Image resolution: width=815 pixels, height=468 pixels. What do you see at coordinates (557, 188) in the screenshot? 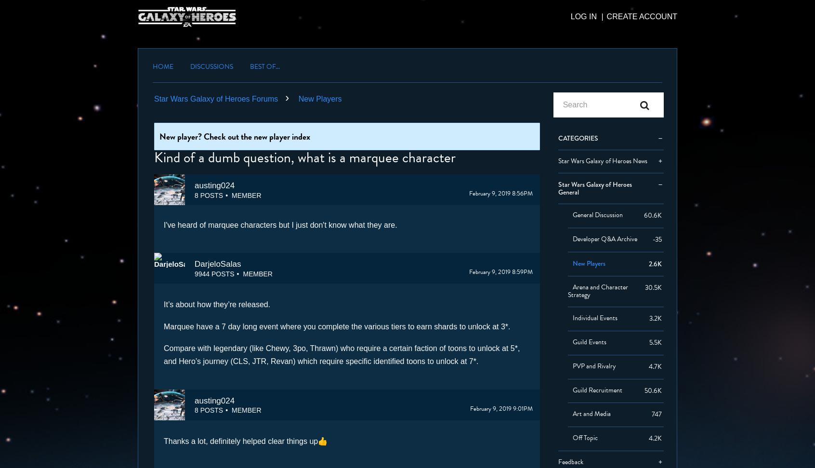
I see `'Star Wars Galaxy of Heroes General'` at bounding box center [557, 188].